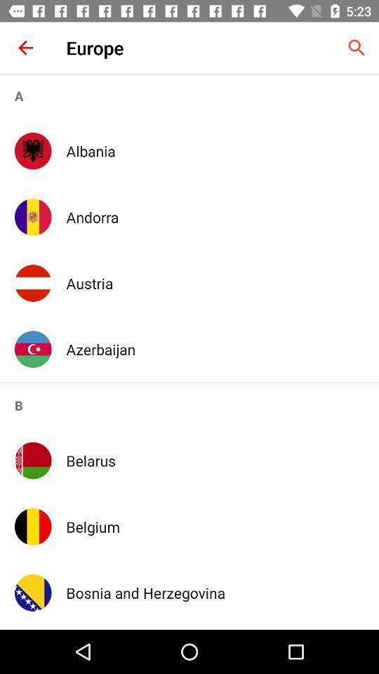 The width and height of the screenshot is (379, 674). Describe the element at coordinates (33, 526) in the screenshot. I see `the app next to belgium icon` at that location.